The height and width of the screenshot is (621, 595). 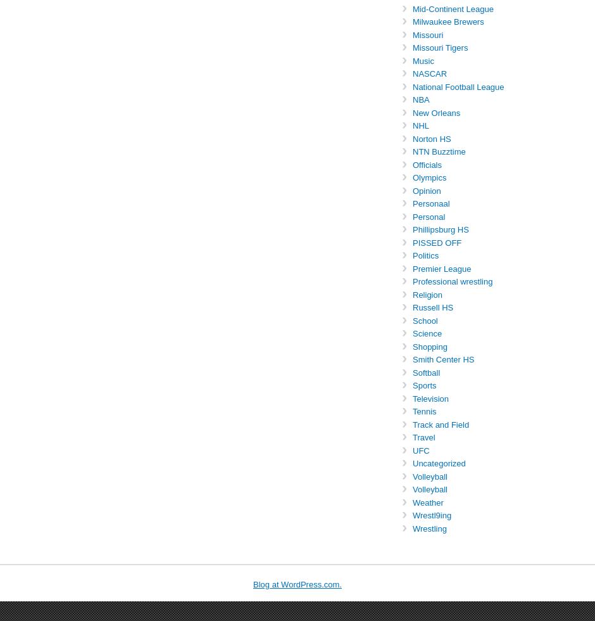 I want to click on 'Tennis', so click(x=423, y=411).